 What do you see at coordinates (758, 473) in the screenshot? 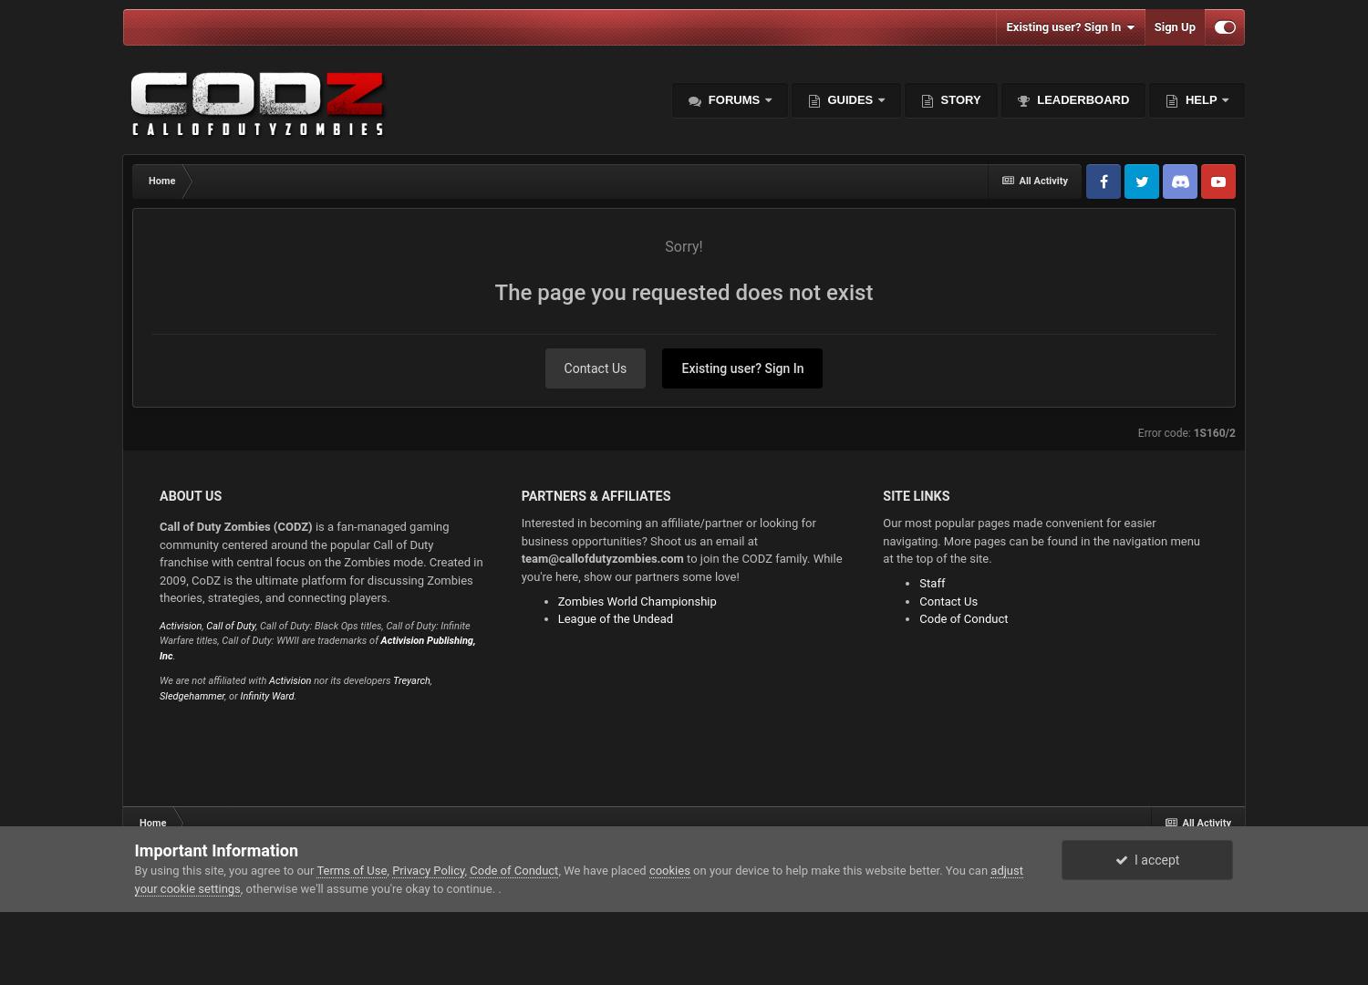
I see `'Community Center'` at bounding box center [758, 473].